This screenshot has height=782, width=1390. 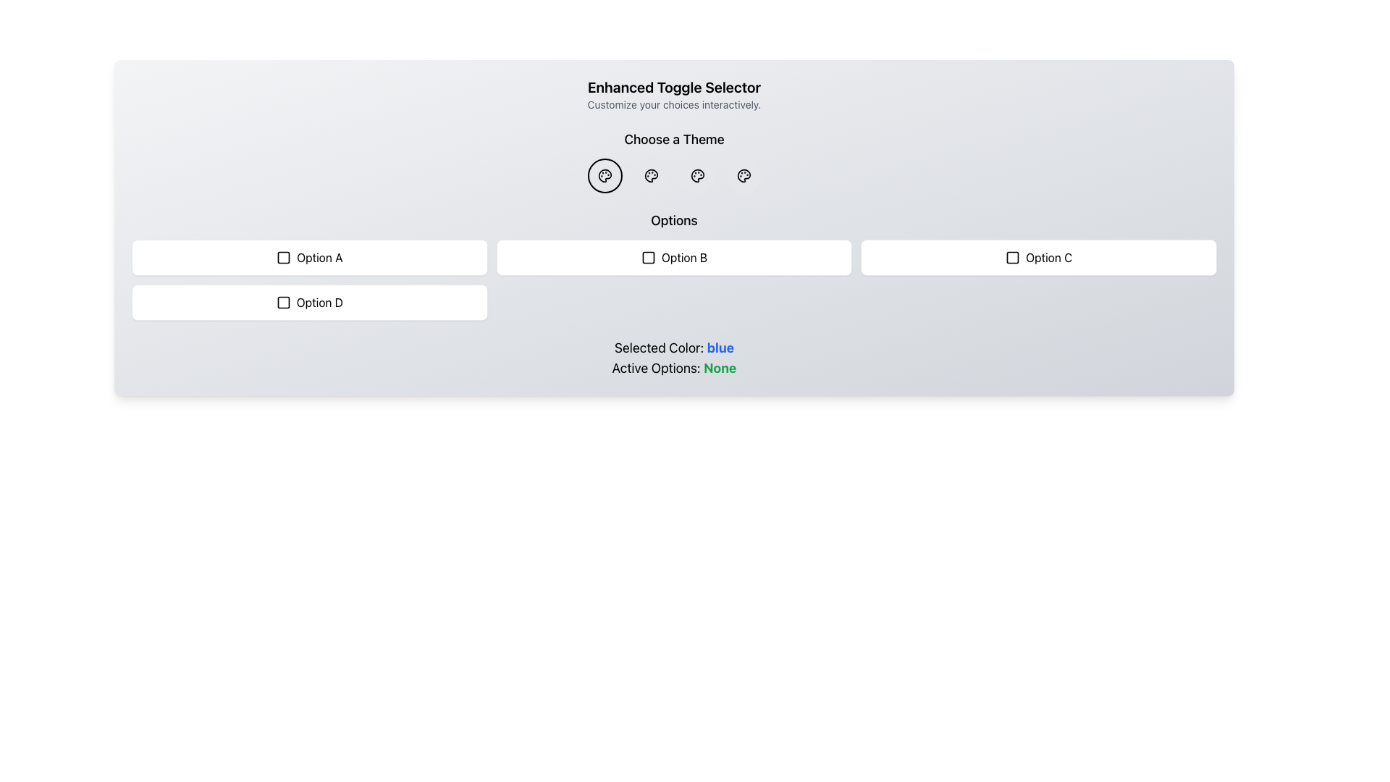 I want to click on the circular button with a gray background and painter's palette icon, located under the 'Choose a Theme' section, so click(x=697, y=175).